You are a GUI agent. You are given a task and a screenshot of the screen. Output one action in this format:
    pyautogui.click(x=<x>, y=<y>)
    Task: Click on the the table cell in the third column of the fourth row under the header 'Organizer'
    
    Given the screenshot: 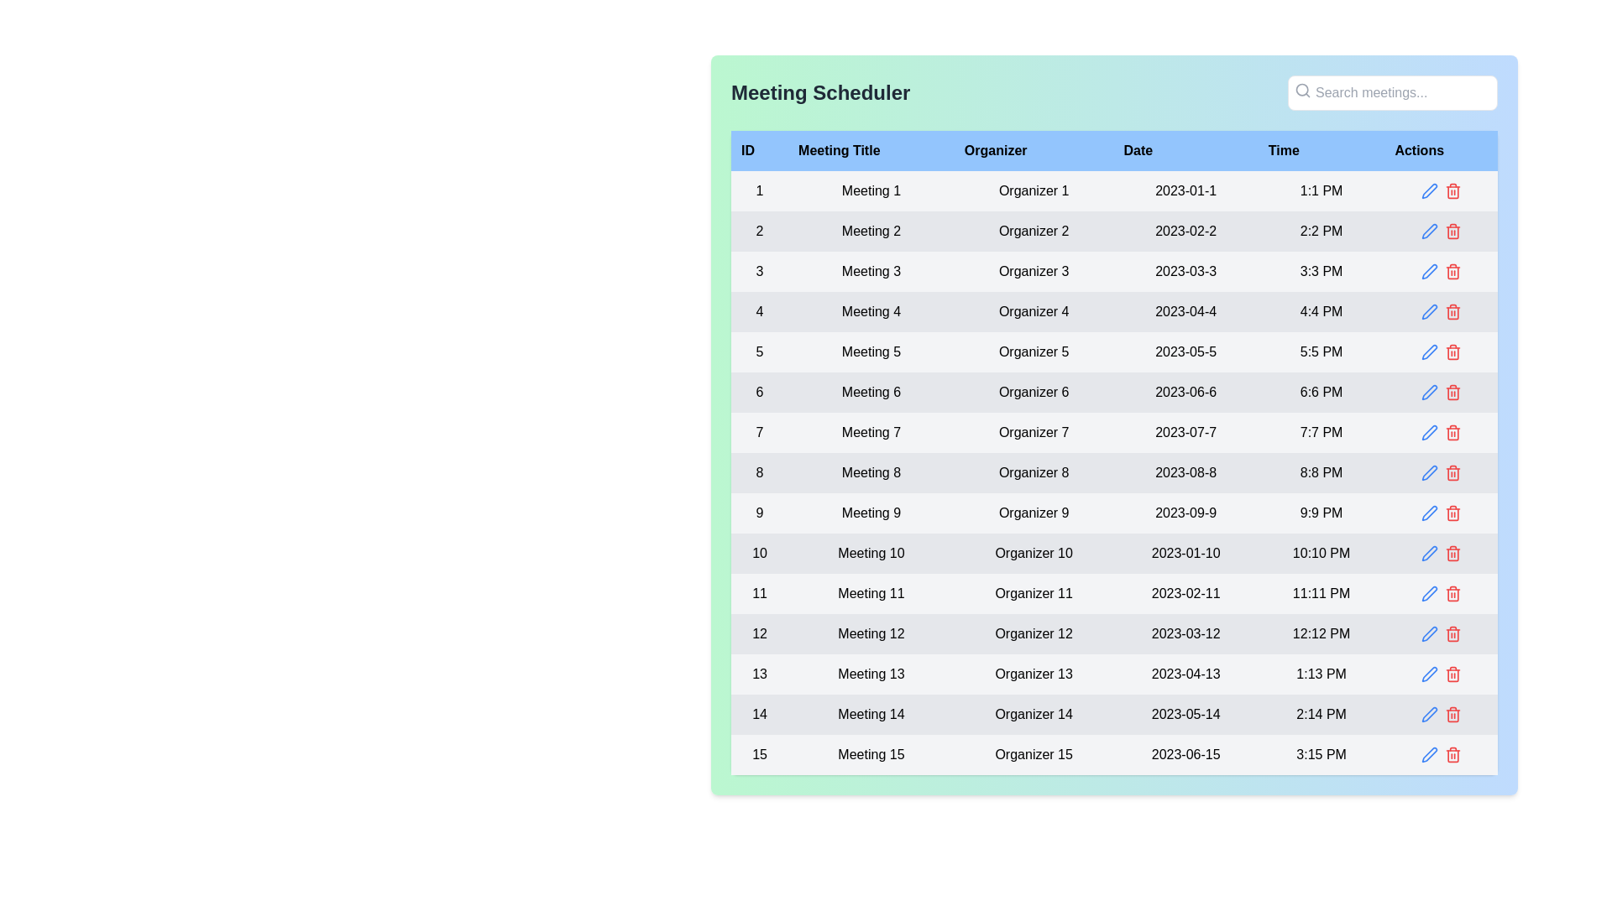 What is the action you would take?
    pyautogui.click(x=1033, y=311)
    